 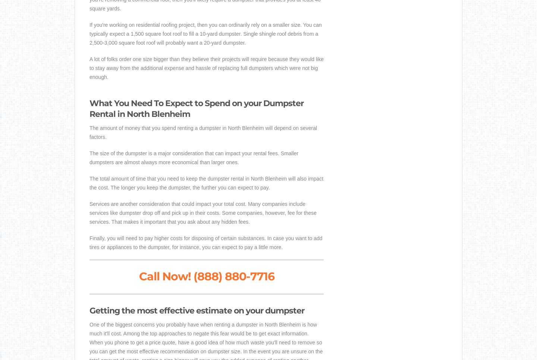 I want to click on 'The size of the dumpster is a major consideration that can impact your rental fees. Smaller dumpsters are almost always more economical than larger ones.', so click(x=193, y=157).